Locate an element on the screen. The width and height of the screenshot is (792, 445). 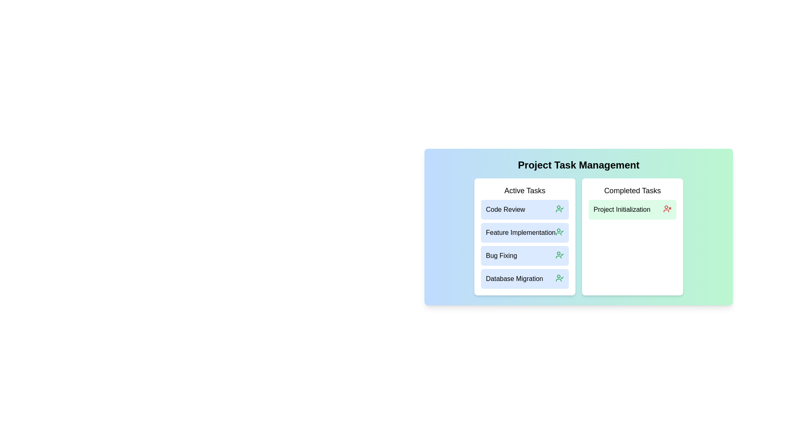
the 'UserCheck' icon associated with the task 'Bug Fixing' is located at coordinates (560, 254).